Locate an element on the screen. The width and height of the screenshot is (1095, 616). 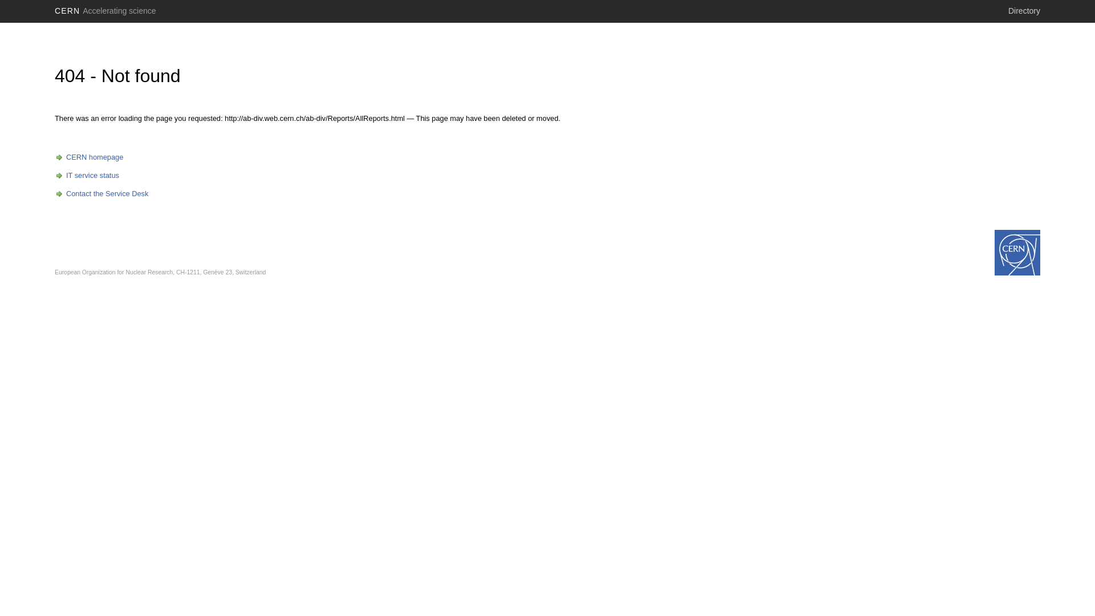
'Contact the Service Desk' is located at coordinates (101, 193).